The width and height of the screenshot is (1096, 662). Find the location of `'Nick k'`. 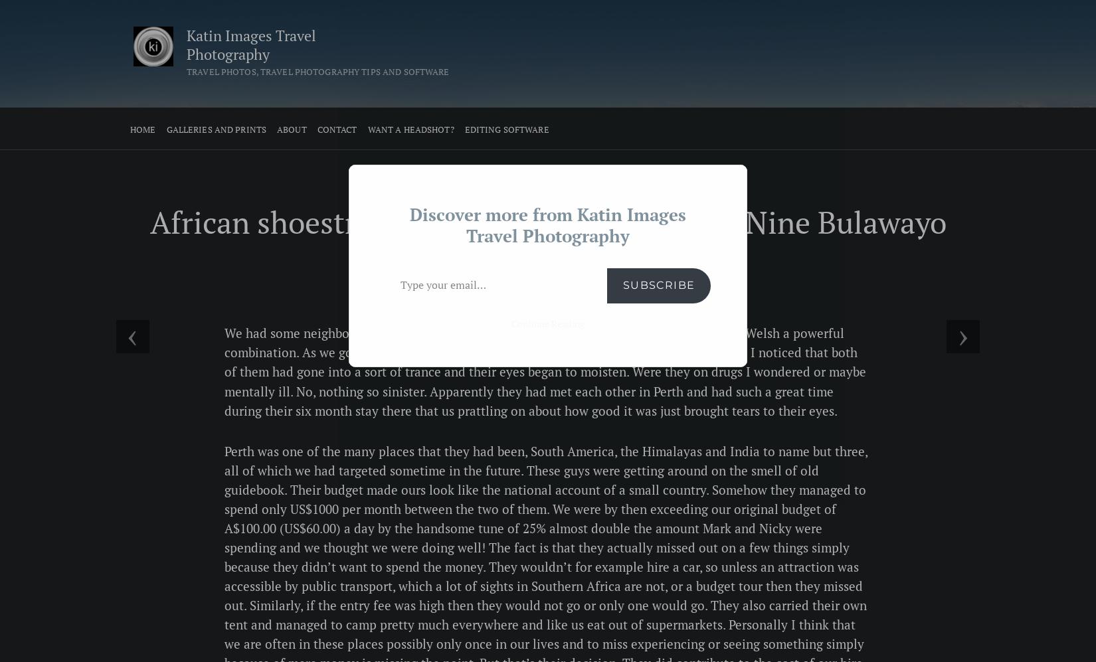

'Nick k' is located at coordinates (553, 258).